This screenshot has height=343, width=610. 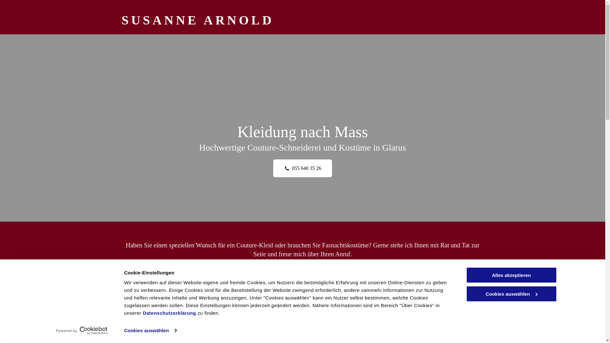 I want to click on 'Alles akzeptieren', so click(x=511, y=275).